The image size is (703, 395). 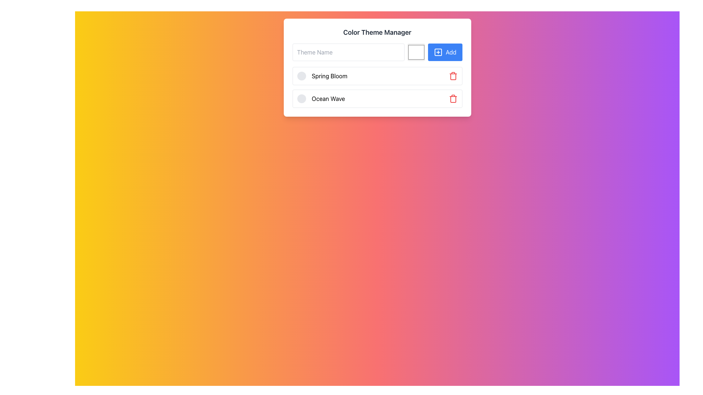 What do you see at coordinates (377, 76) in the screenshot?
I see `the center of the first List item component labeled 'Spring Bloom'` at bounding box center [377, 76].